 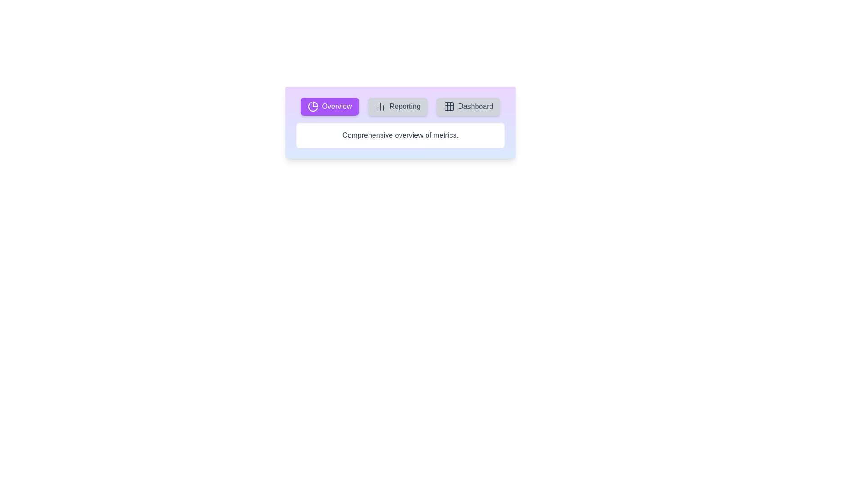 I want to click on the tab button containing the icon for Reporting, so click(x=397, y=106).